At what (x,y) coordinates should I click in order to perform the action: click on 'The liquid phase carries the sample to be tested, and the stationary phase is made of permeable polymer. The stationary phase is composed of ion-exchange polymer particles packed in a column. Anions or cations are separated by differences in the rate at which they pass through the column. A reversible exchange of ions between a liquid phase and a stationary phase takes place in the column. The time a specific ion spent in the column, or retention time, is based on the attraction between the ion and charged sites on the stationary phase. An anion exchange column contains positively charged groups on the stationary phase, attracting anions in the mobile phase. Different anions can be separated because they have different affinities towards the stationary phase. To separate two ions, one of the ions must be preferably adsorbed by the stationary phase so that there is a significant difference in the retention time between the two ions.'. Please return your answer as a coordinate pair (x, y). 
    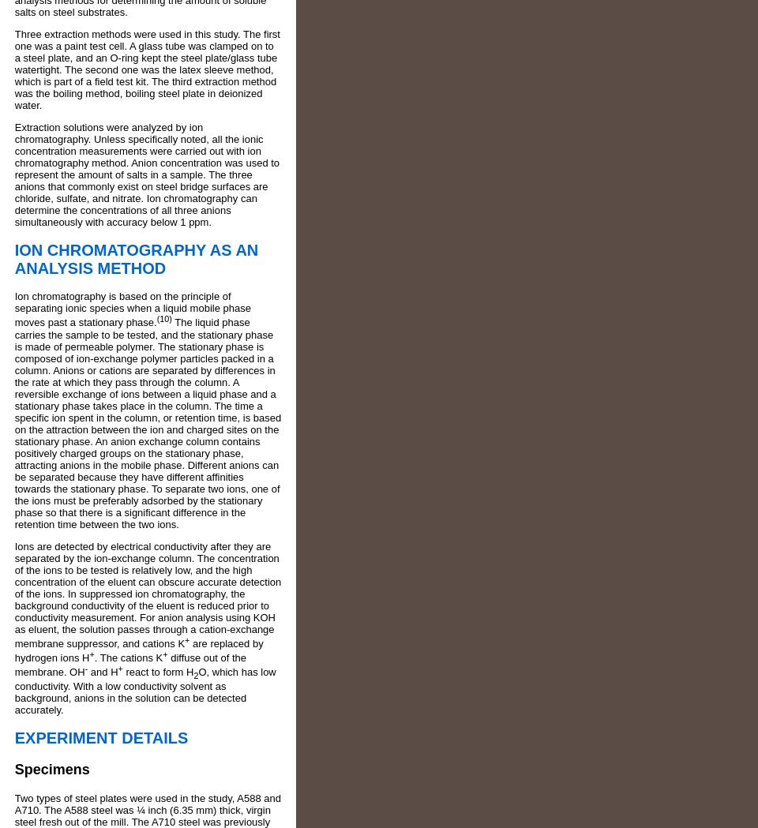
    Looking at the image, I should click on (148, 423).